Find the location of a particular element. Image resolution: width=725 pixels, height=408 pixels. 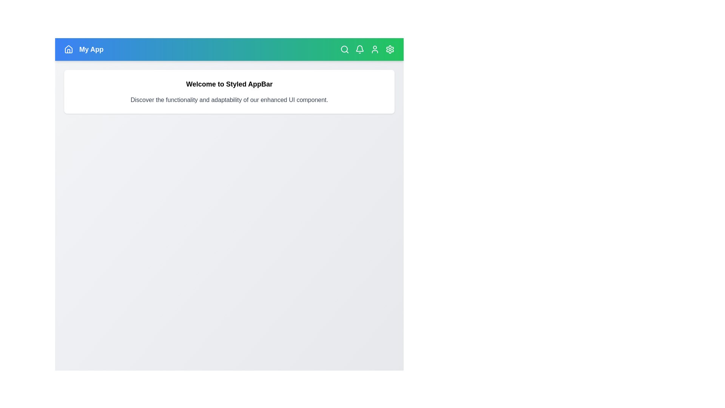

the navigation icon corresponding to Settings is located at coordinates (390, 49).